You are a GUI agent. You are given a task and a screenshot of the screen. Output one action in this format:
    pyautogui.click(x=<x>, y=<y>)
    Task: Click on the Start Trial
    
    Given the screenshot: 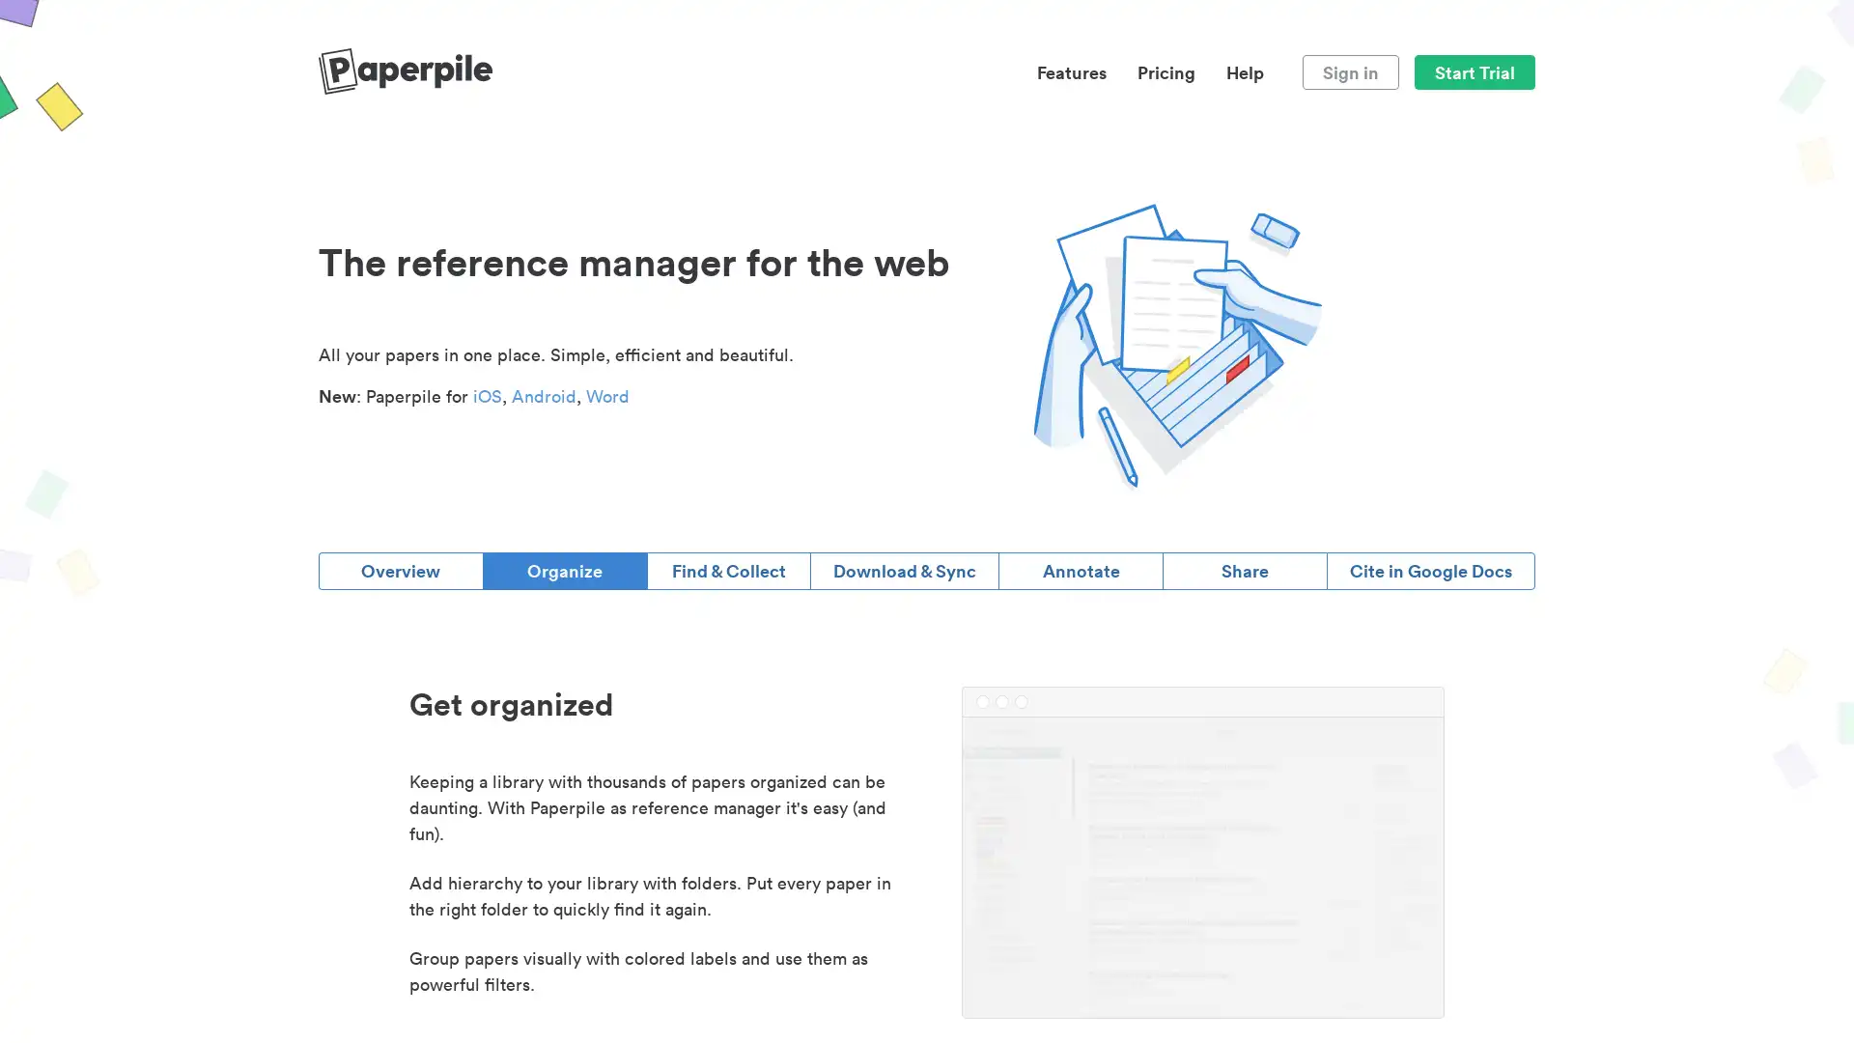 What is the action you would take?
    pyautogui.click(x=1474, y=70)
    